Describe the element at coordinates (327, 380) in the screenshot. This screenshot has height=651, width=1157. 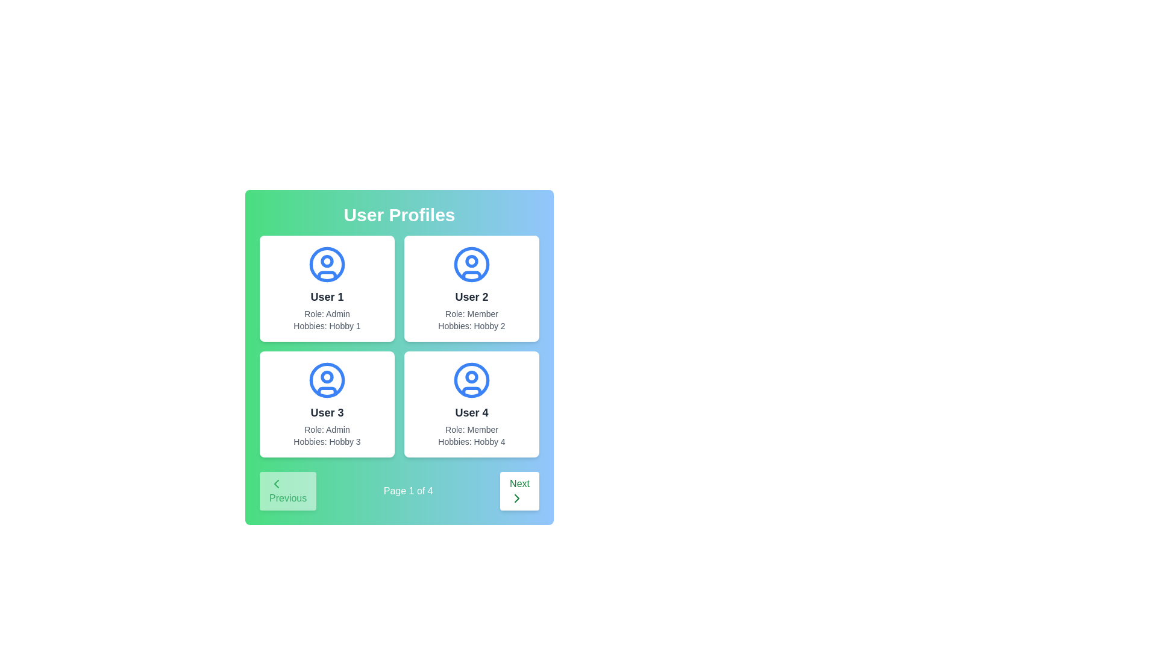
I see `the circular avatar icon of 'User 3' located in the bottom-left corner of the profile card grid` at that location.